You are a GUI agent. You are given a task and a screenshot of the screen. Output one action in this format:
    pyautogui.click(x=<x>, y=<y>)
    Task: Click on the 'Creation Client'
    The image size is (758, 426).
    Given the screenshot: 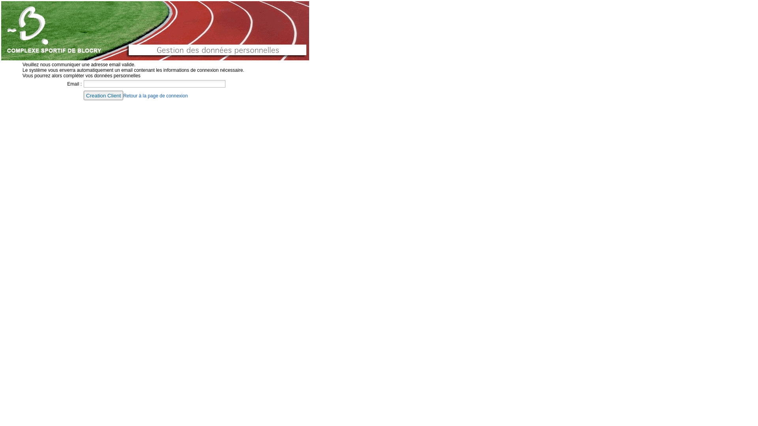 What is the action you would take?
    pyautogui.click(x=83, y=95)
    